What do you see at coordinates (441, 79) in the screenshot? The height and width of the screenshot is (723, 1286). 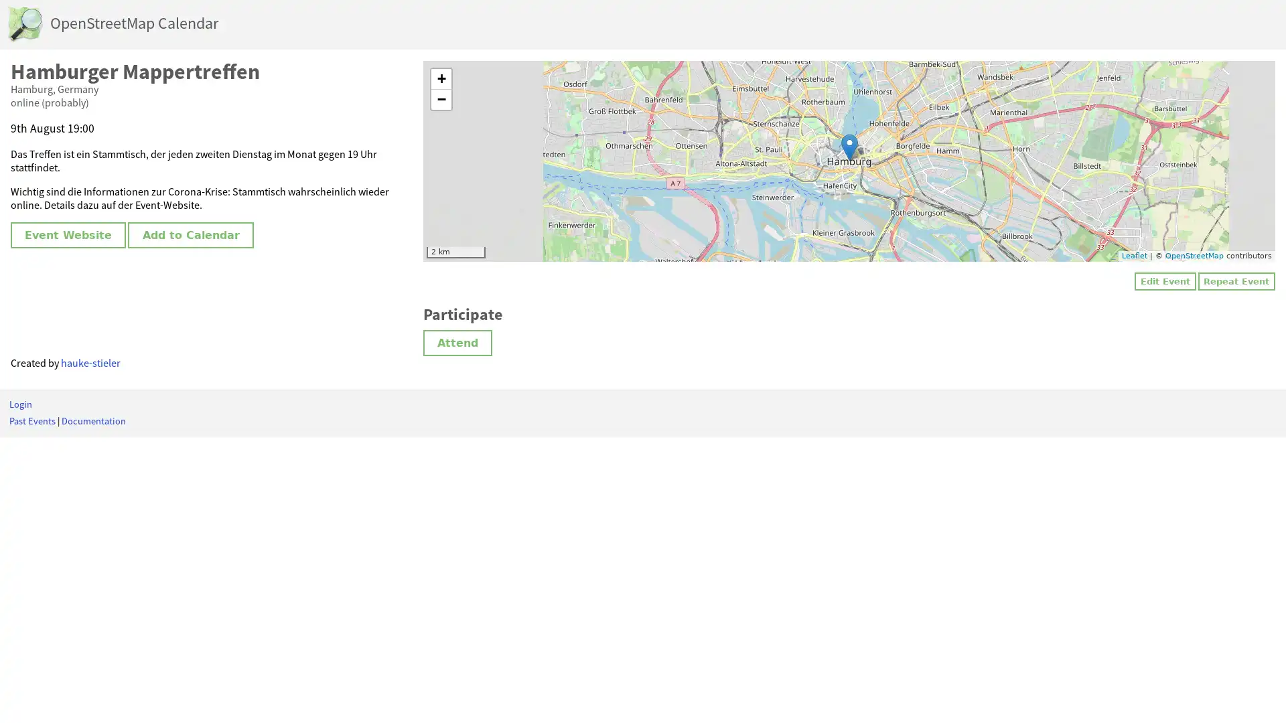 I see `Zoom in` at bounding box center [441, 79].